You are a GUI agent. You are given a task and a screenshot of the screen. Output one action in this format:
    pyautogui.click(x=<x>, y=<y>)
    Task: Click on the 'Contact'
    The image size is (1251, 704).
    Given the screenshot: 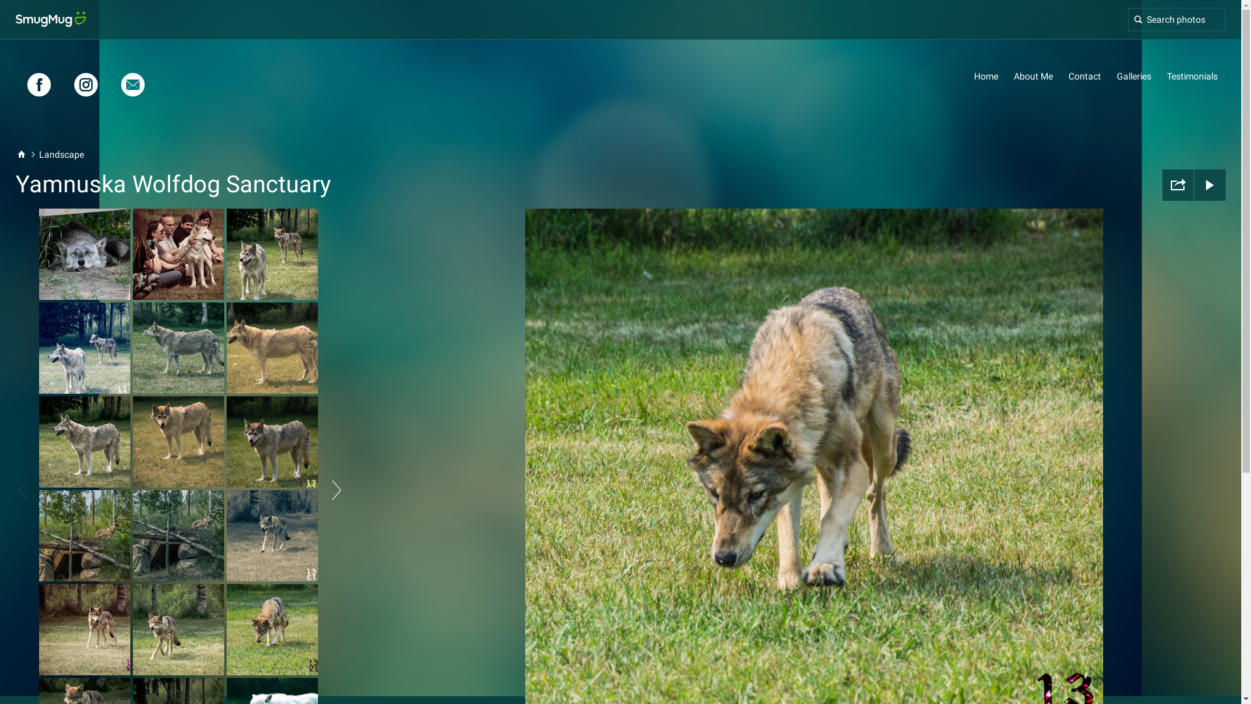 What is the action you would take?
    pyautogui.click(x=1085, y=76)
    